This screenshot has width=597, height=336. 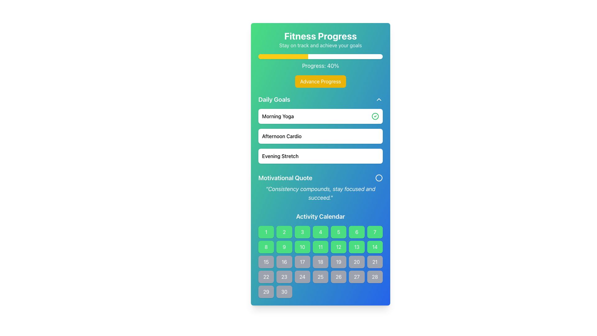 I want to click on the interactive calendar cell representing a numbered day in the second row and fourth column of the Activity Calendar grid, which is currently in an active or selected state, so click(x=321, y=247).